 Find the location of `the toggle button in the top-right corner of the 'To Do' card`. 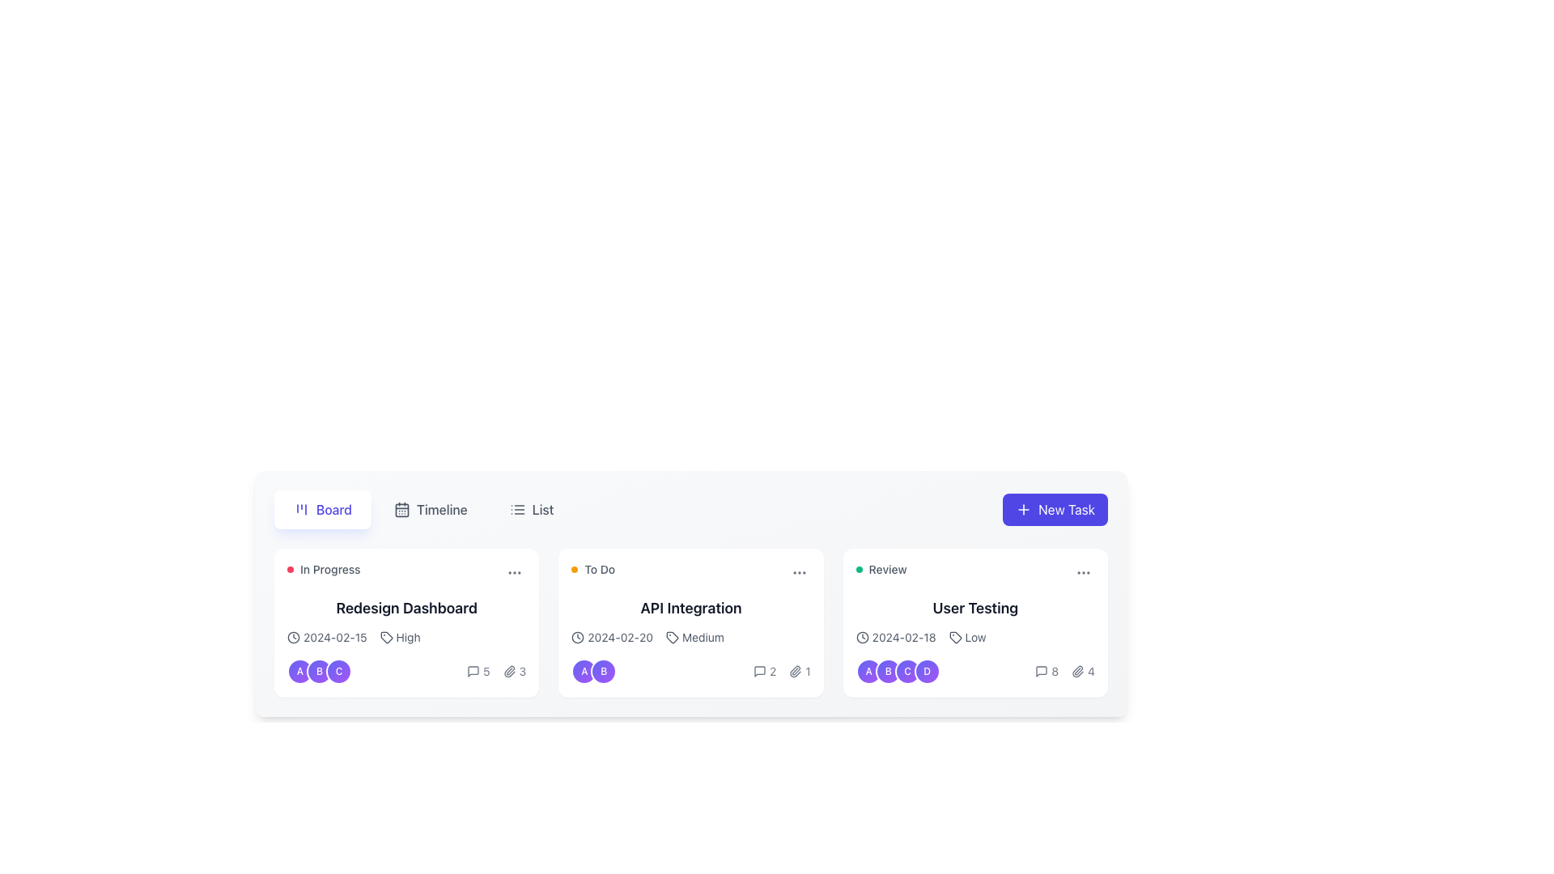

the toggle button in the top-right corner of the 'To Do' card is located at coordinates (799, 572).